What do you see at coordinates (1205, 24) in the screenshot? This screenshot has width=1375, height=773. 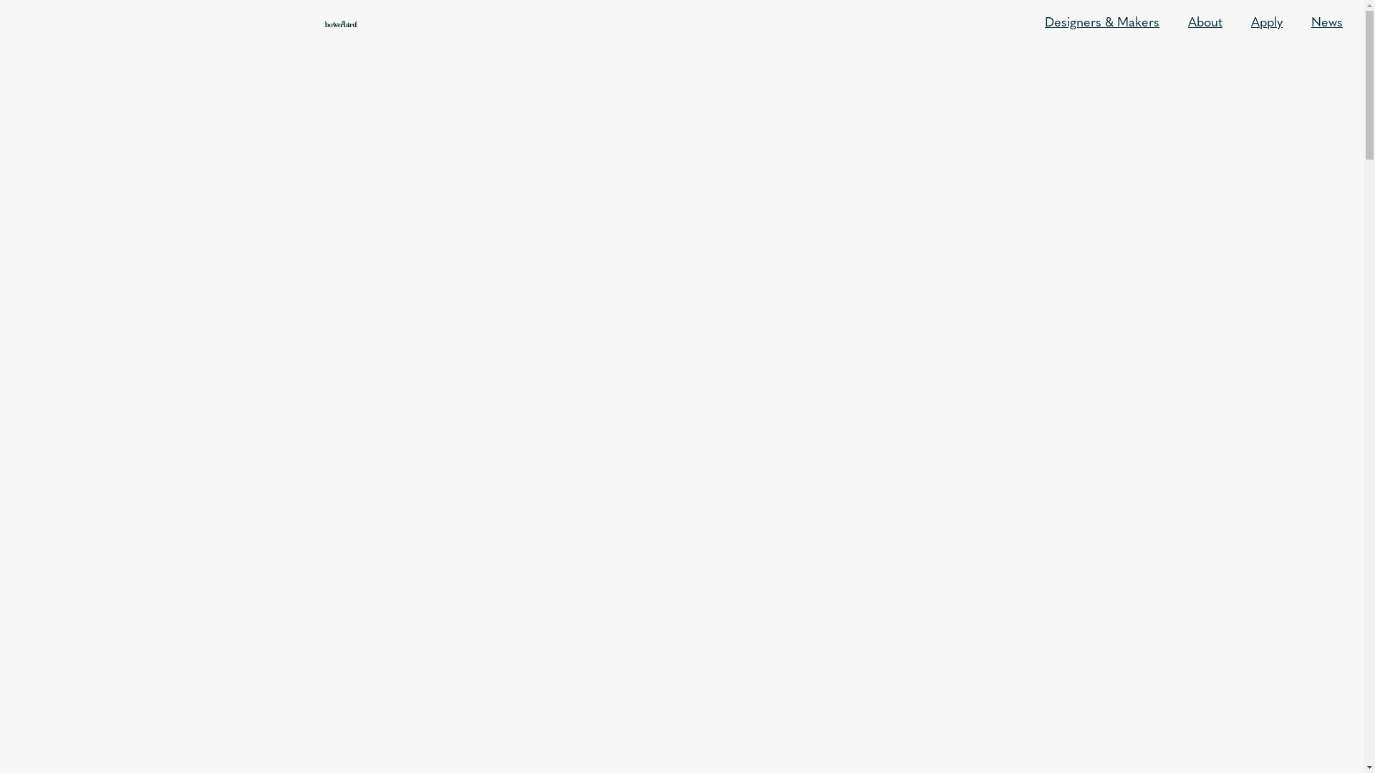 I see `'About'` at bounding box center [1205, 24].